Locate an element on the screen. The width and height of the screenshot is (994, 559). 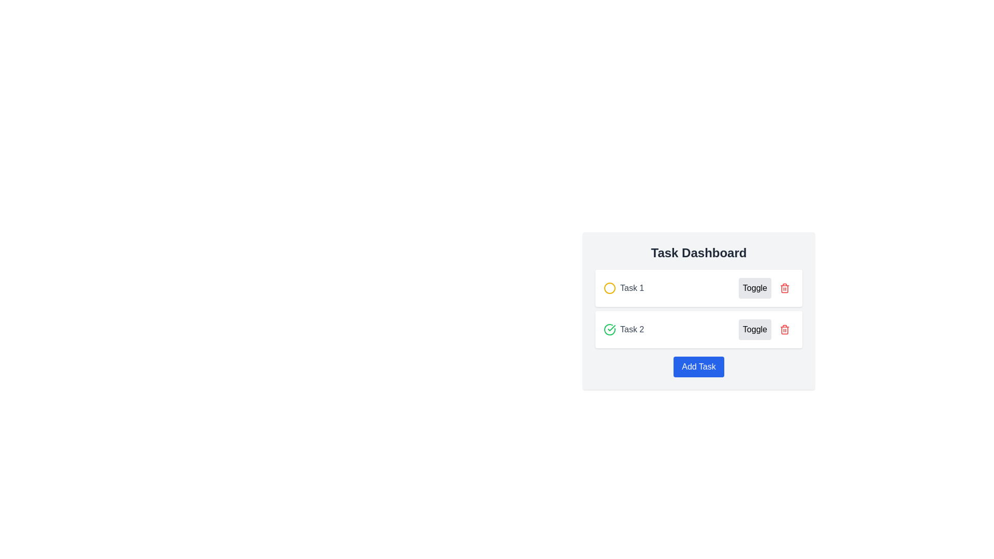
the status indicator for 'Task 1', which is located to the left of the task description text is located at coordinates (609, 288).